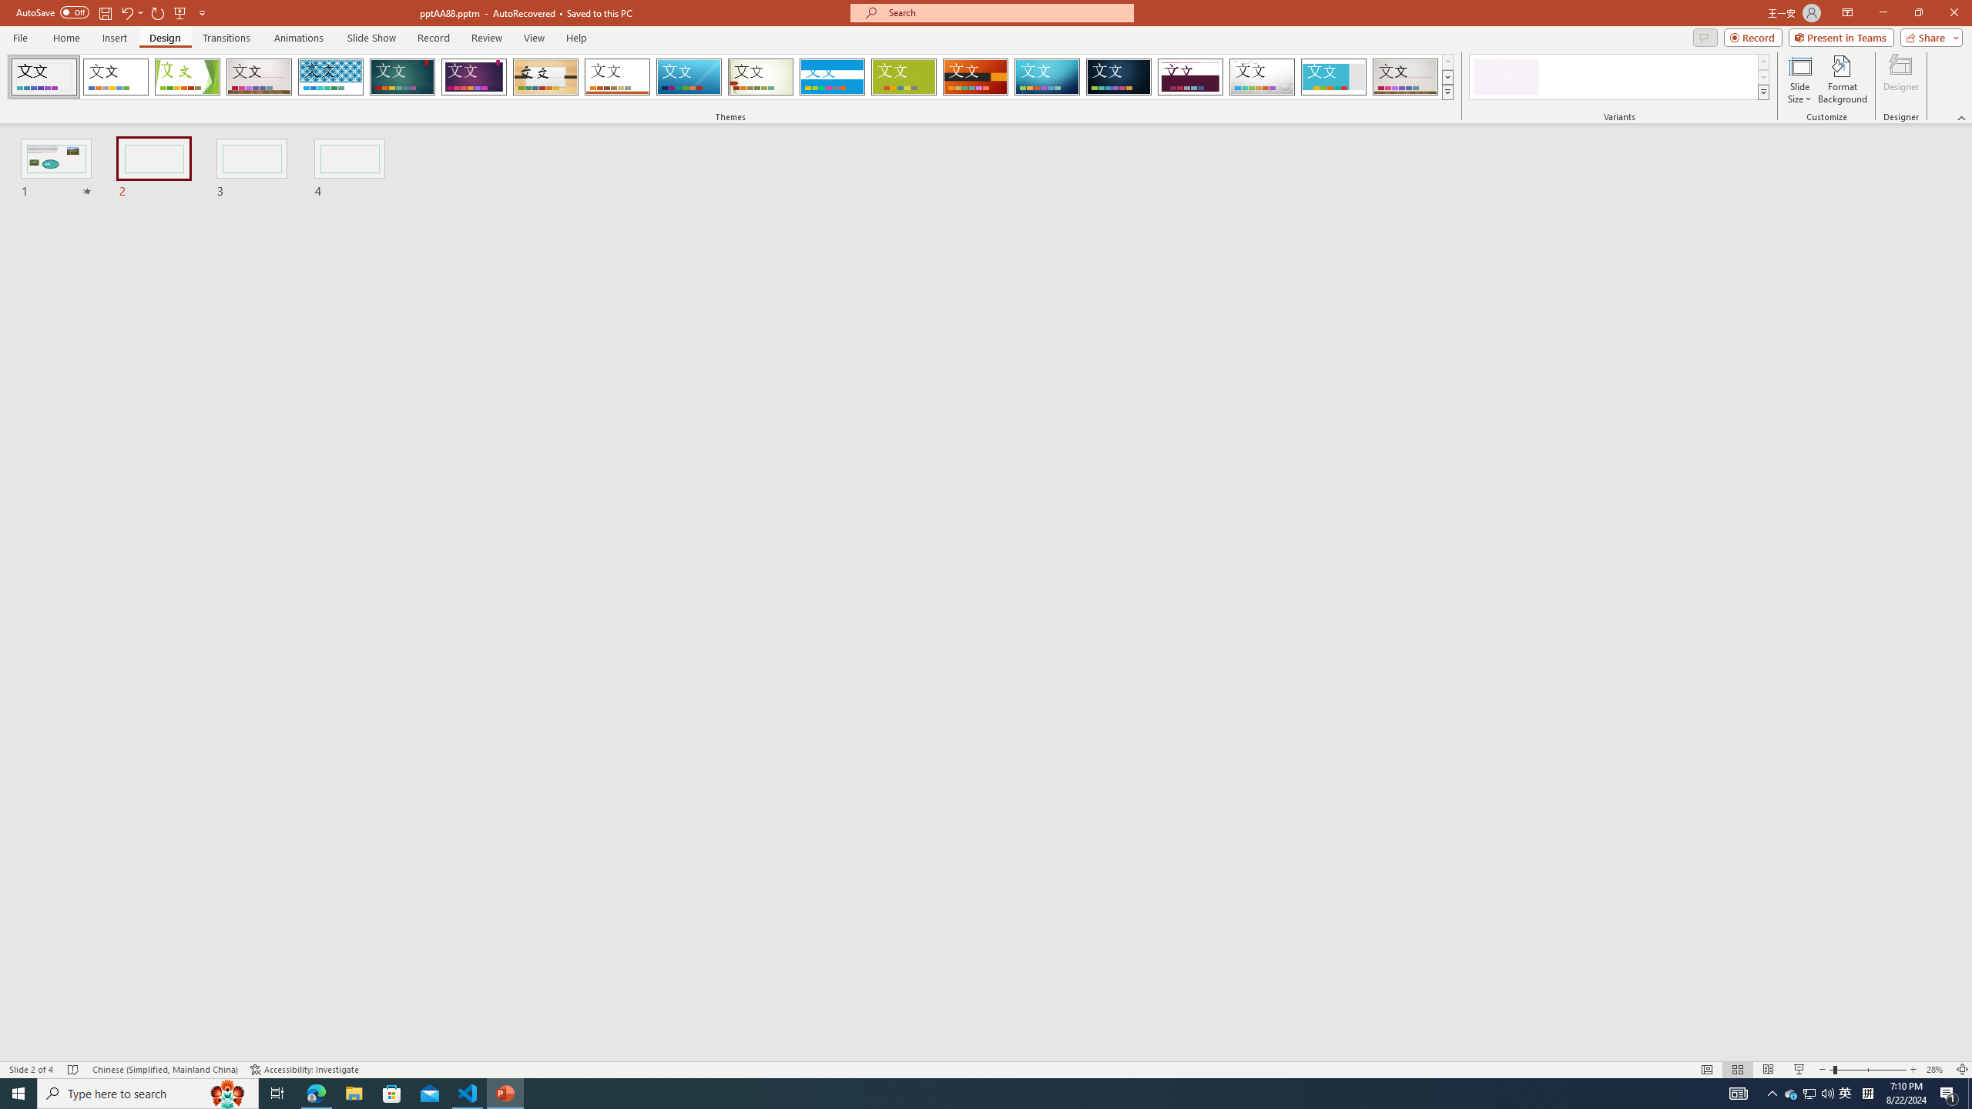  What do you see at coordinates (1118, 76) in the screenshot?
I see `'Damask Loading Preview...'` at bounding box center [1118, 76].